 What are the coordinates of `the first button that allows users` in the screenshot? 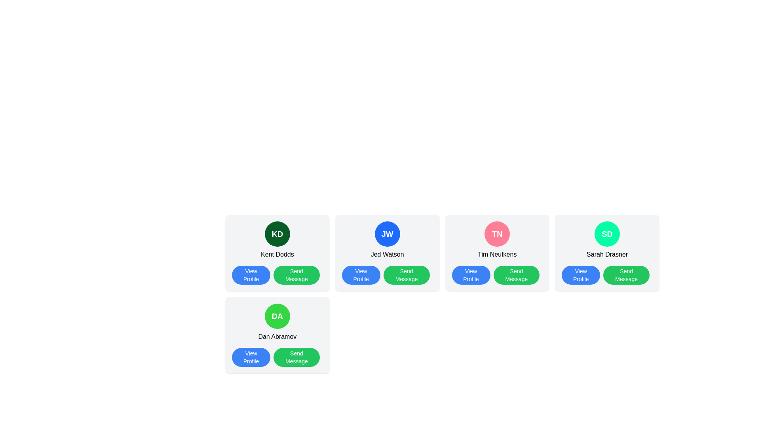 It's located at (251, 274).